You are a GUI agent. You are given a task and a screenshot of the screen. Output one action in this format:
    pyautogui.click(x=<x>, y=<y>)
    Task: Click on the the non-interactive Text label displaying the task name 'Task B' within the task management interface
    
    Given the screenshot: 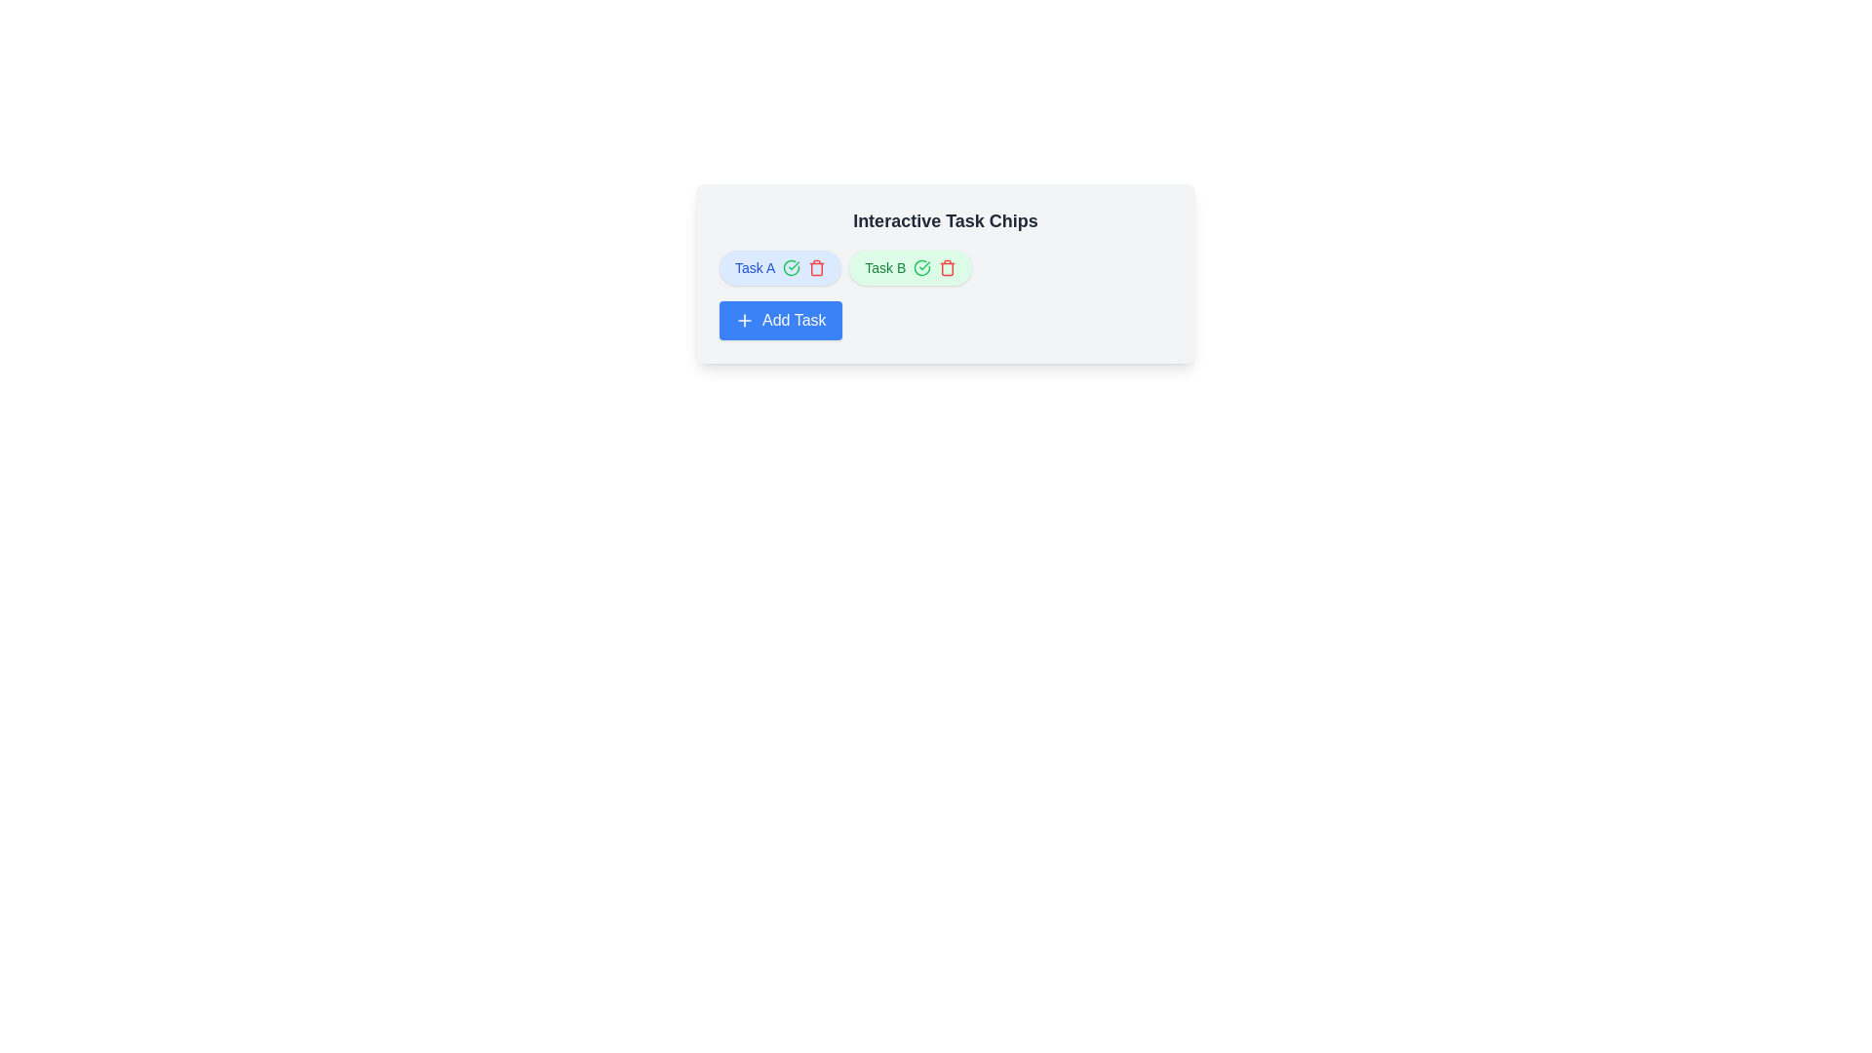 What is the action you would take?
    pyautogui.click(x=884, y=267)
    